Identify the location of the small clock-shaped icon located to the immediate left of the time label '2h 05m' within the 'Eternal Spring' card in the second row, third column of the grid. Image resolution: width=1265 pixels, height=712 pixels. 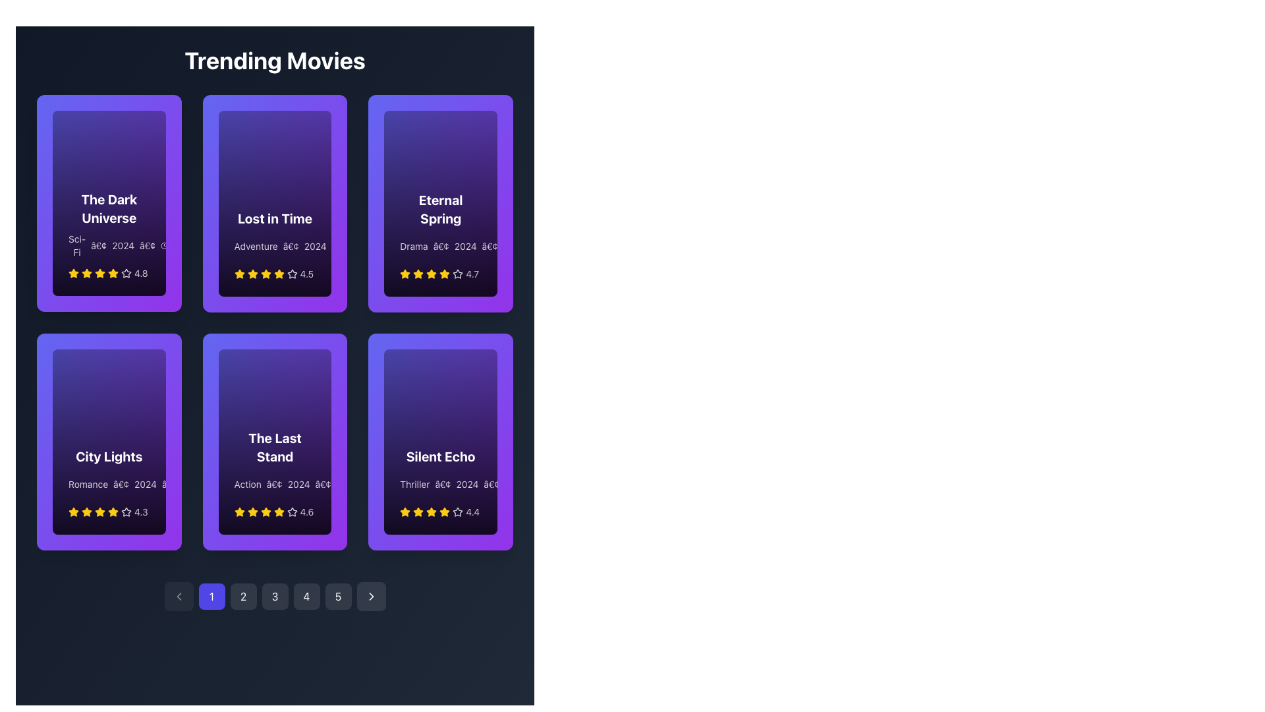
(506, 246).